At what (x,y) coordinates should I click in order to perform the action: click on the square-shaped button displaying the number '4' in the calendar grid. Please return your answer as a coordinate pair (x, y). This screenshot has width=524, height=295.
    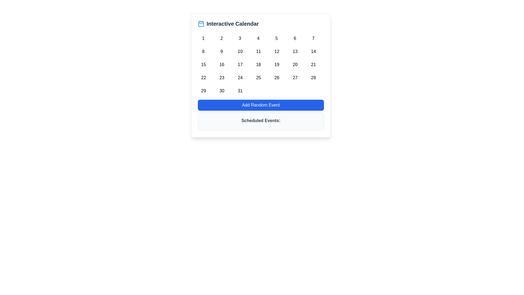
    Looking at the image, I should click on (258, 37).